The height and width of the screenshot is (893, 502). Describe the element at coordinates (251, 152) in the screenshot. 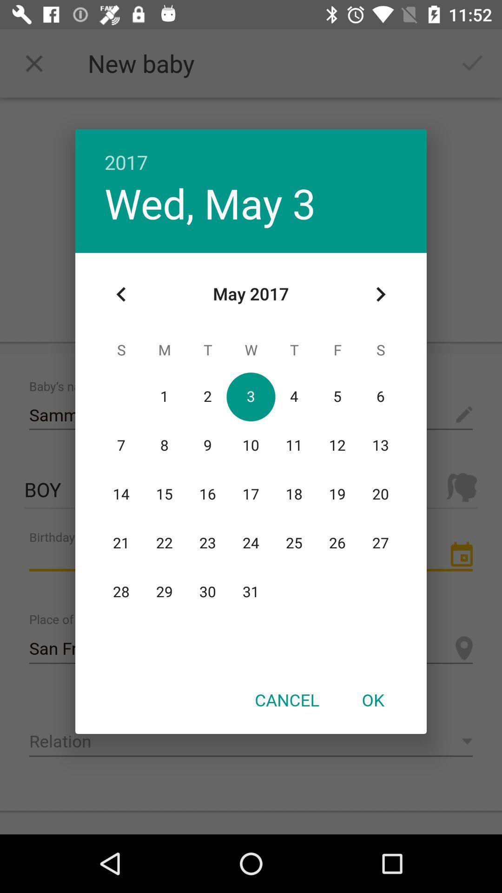

I see `icon above wed, may 3` at that location.